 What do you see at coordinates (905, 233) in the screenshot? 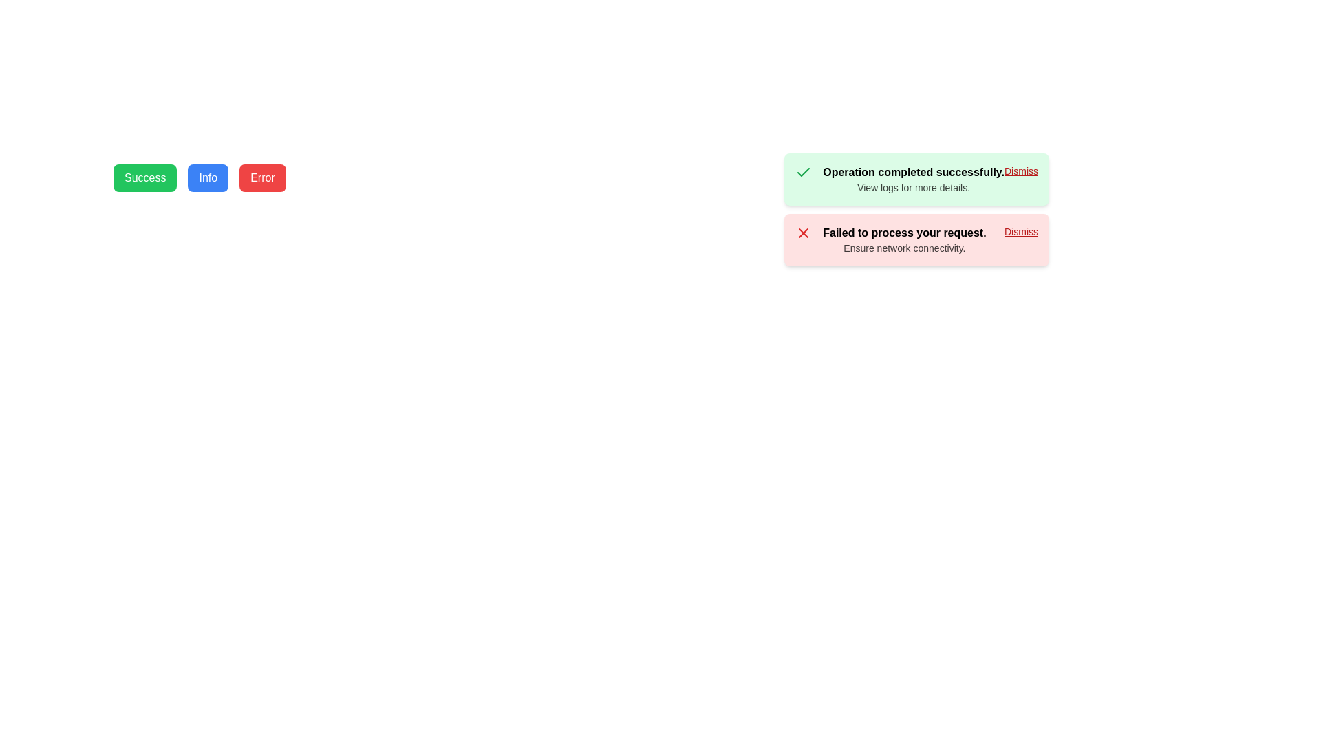
I see `error message displayed in the bold text 'Failed to process your request.' which is located in the second notification box with a red background` at bounding box center [905, 233].